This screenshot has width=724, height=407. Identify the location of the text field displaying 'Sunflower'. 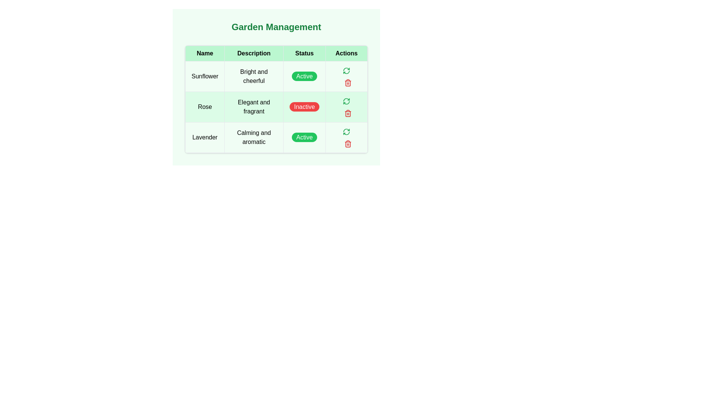
(205, 77).